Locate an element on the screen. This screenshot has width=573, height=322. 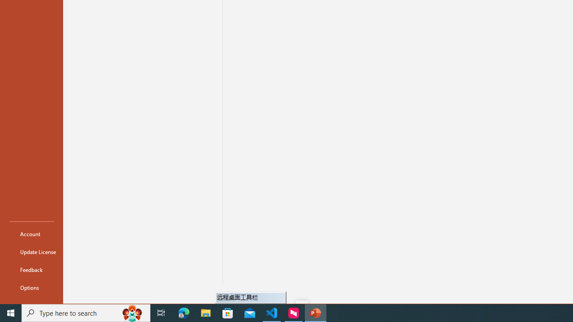
'Start' is located at coordinates (11, 312).